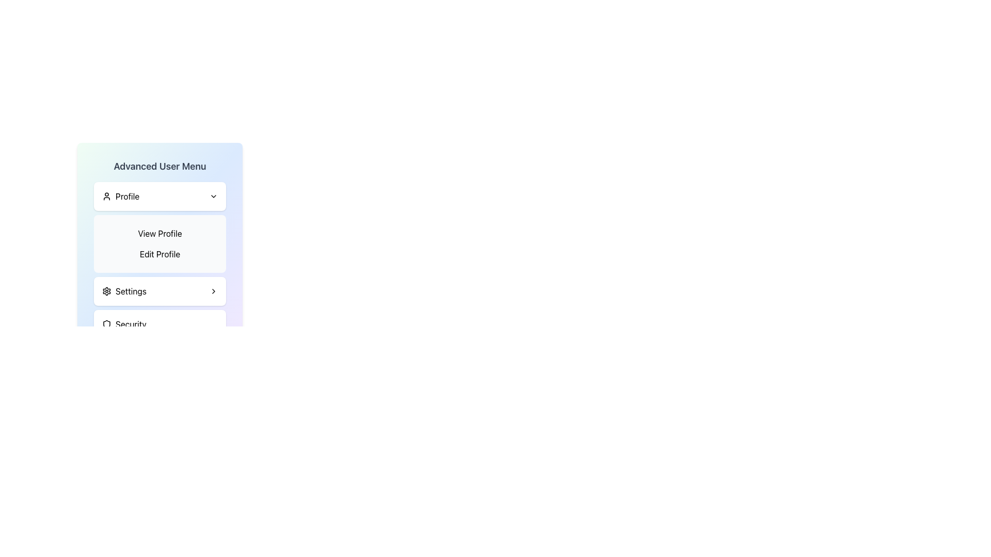  I want to click on the settings button located in the Advanced User Menu, which is the third option below 'View Profile' and 'Edit Profile', so click(124, 291).